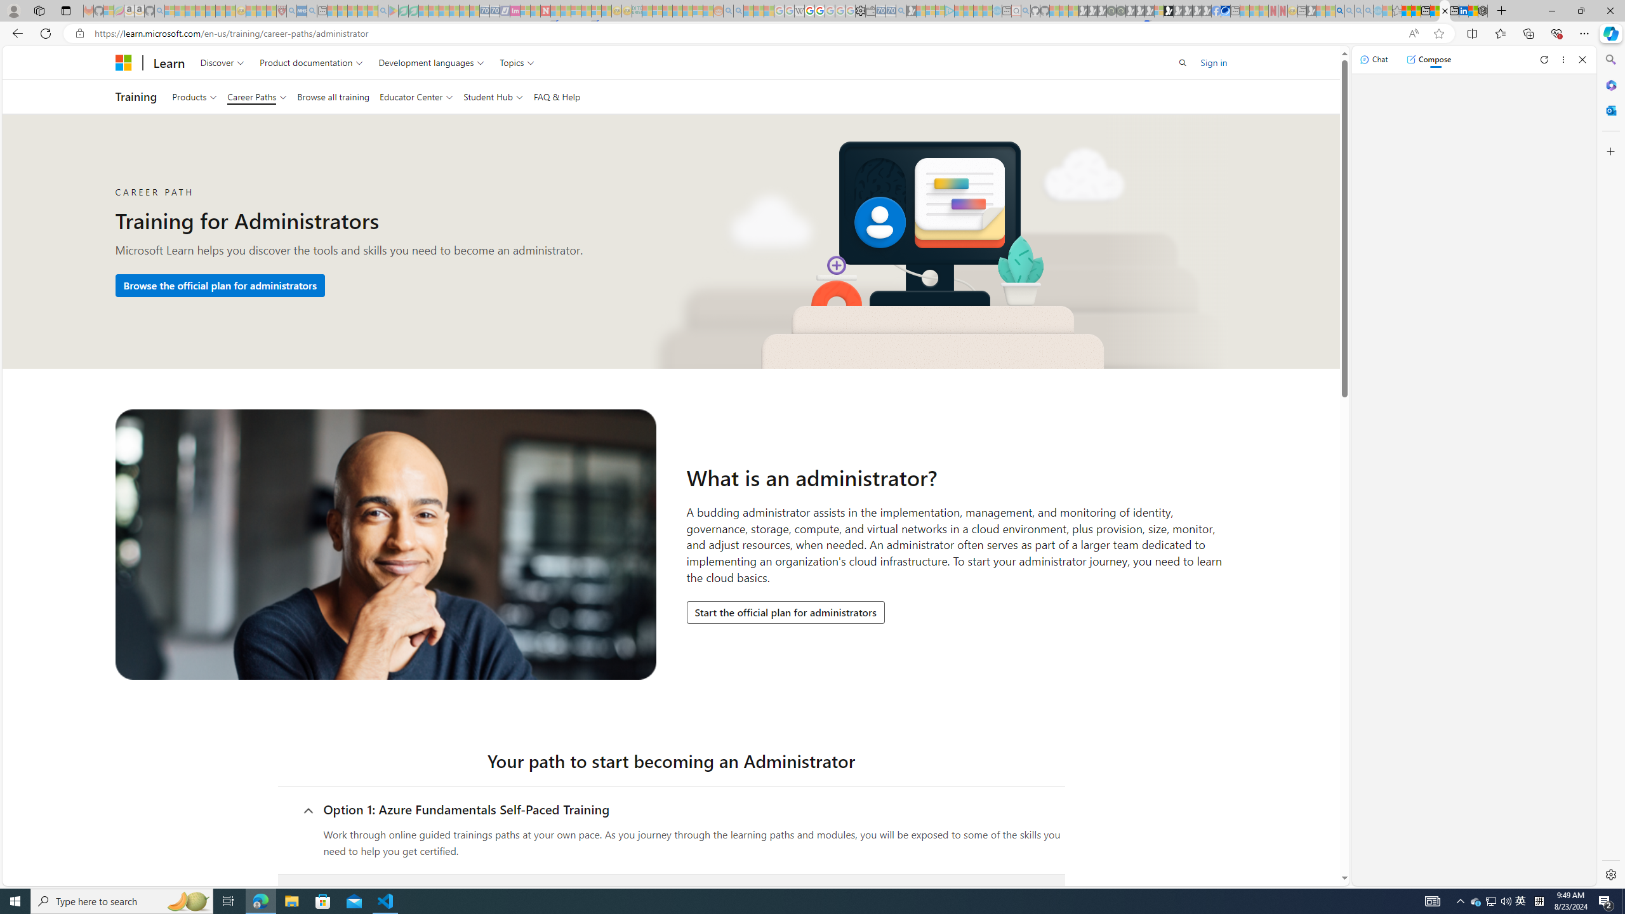  I want to click on 'Favorites - Sleeping', so click(1397, 10).